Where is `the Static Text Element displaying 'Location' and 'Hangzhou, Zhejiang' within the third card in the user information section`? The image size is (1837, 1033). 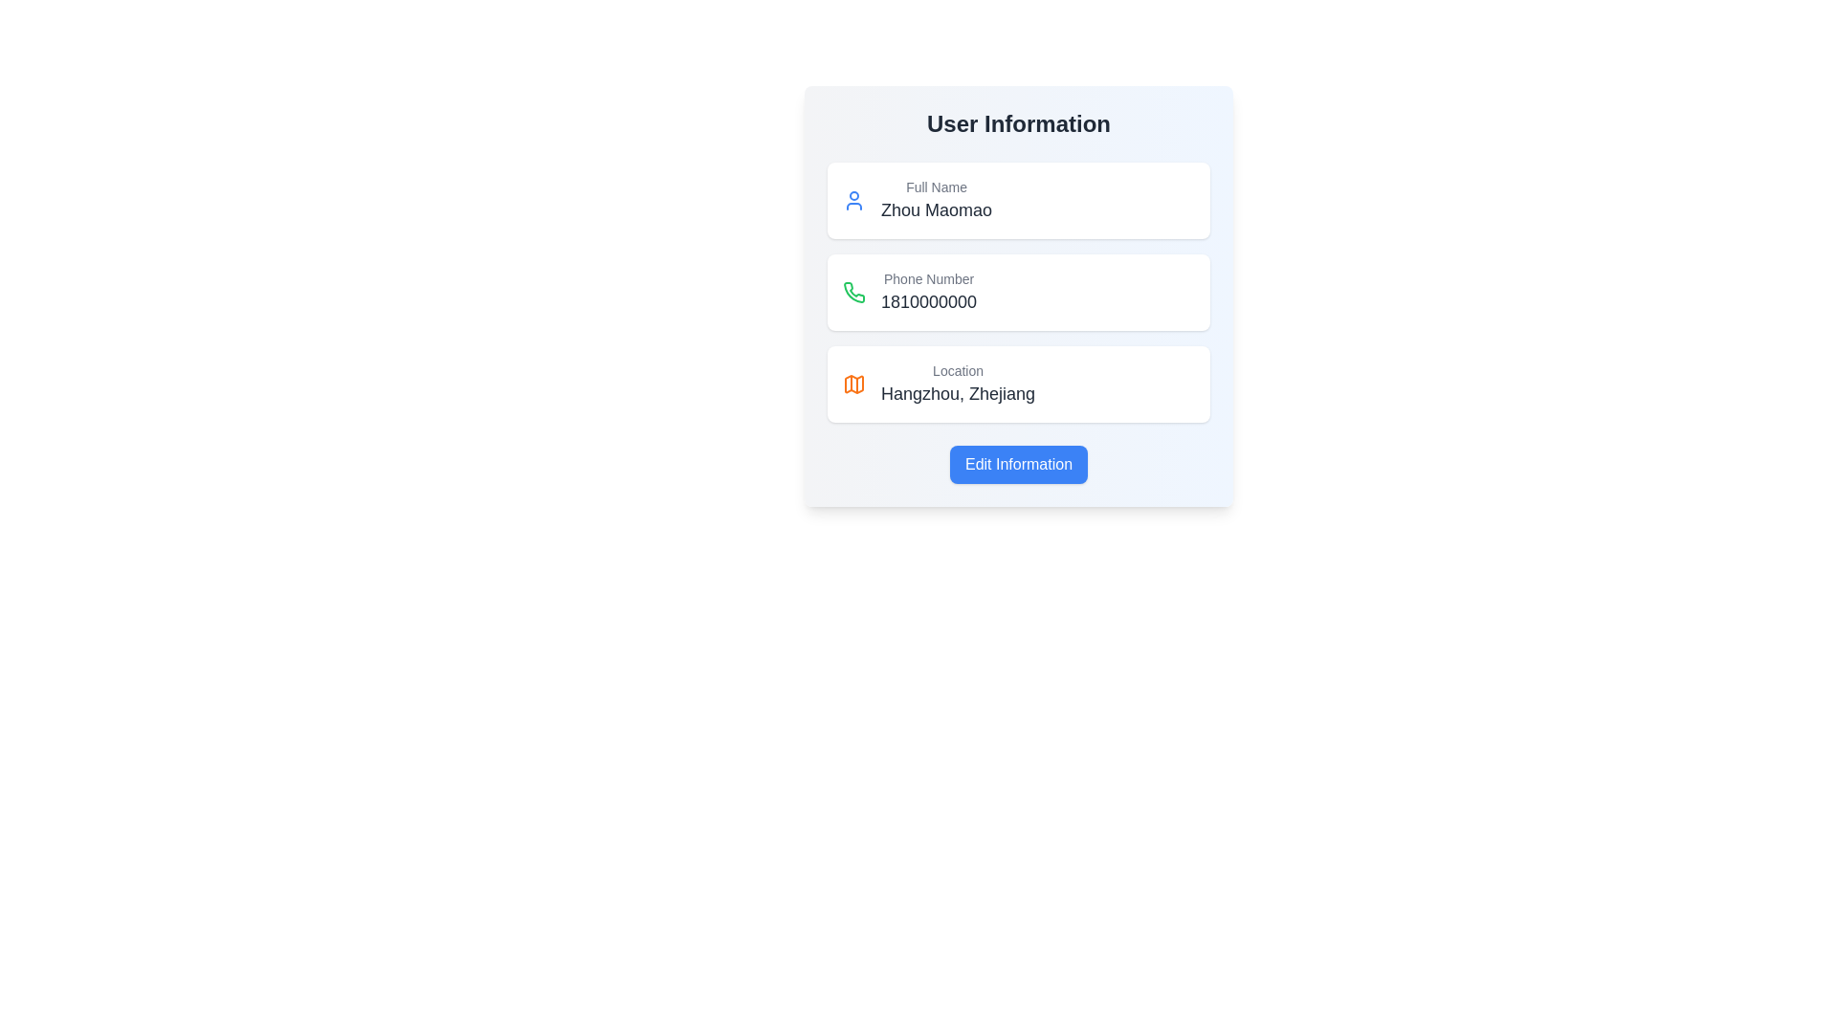
the Static Text Element displaying 'Location' and 'Hangzhou, Zhejiang' within the third card in the user information section is located at coordinates (958, 384).